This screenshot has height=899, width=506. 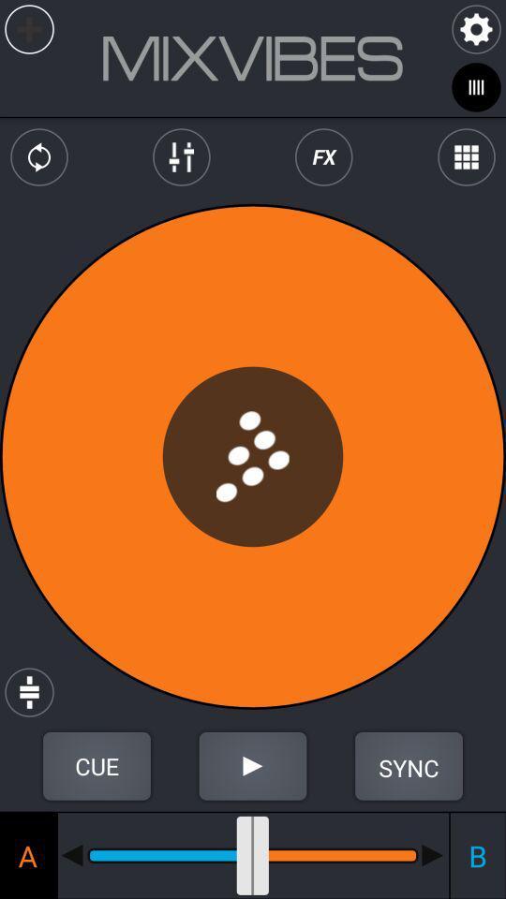 What do you see at coordinates (71, 855) in the screenshot?
I see `rewind` at bounding box center [71, 855].